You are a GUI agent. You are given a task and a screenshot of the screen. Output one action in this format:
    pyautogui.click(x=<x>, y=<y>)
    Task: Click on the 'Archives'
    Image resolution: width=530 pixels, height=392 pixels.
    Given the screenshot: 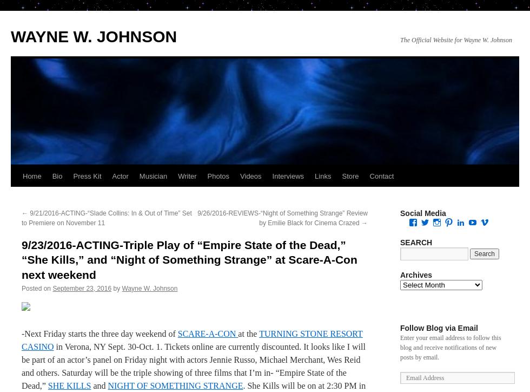 What is the action you would take?
    pyautogui.click(x=416, y=275)
    